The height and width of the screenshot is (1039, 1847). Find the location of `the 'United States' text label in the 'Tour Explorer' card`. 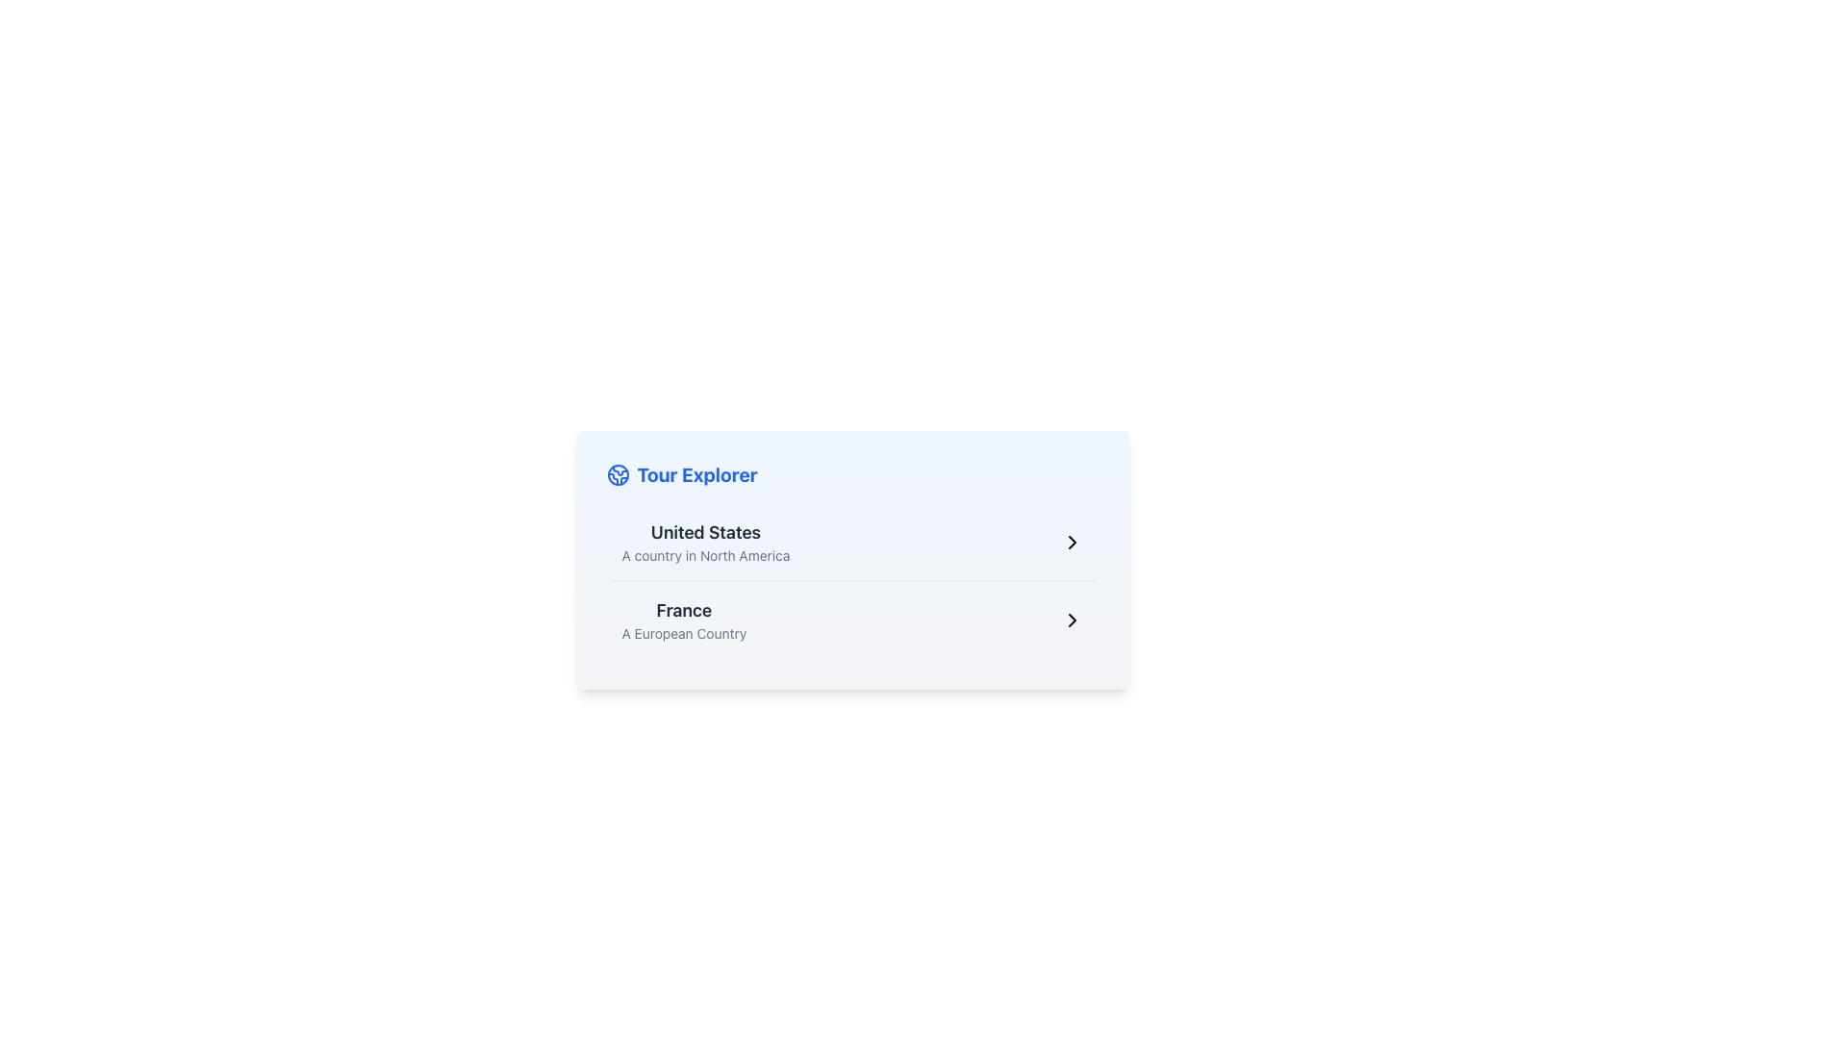

the 'United States' text label in the 'Tour Explorer' card is located at coordinates (705, 533).